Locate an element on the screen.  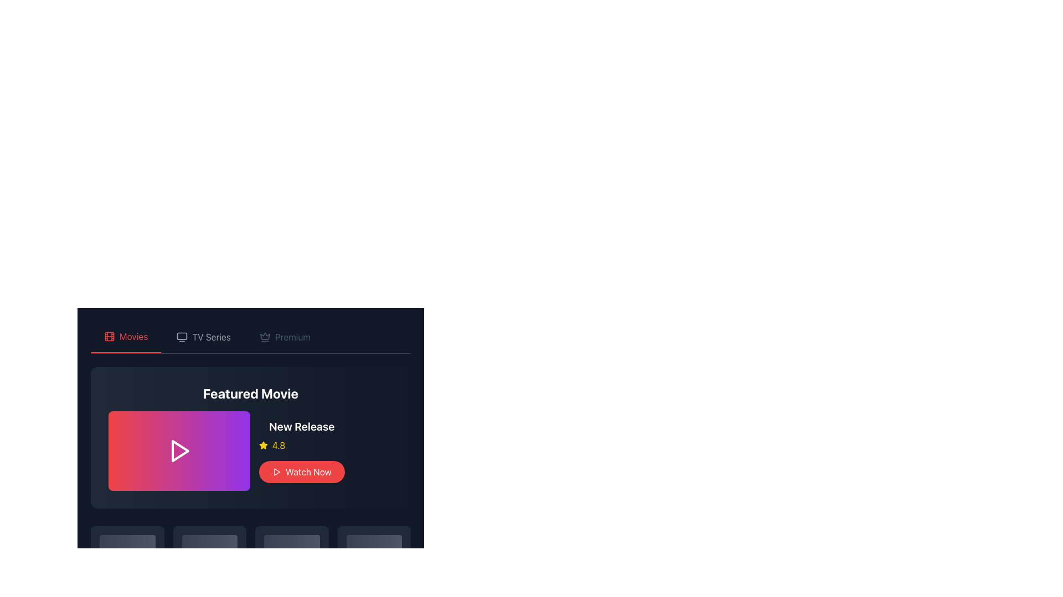
the minimalistic television icon located in the top navigation bar, which is the leftmost icon associated with the 'TV Series' label, to potentially display a tooltip is located at coordinates (182, 336).